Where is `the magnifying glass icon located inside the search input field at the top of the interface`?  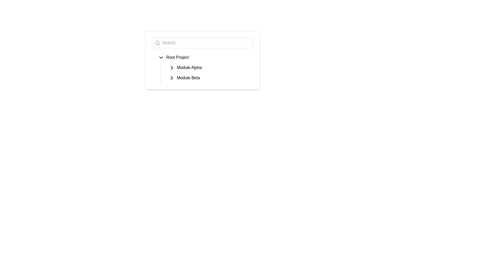 the magnifying glass icon located inside the search input field at the top of the interface is located at coordinates (157, 43).